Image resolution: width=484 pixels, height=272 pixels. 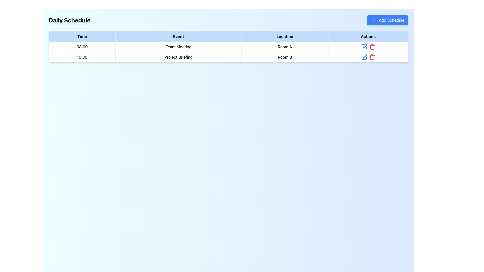 I want to click on the text label displaying 'Room B' that is aligned left in the 'Location' column of the schedule table, located in the third cell corresponding to the '10:30' time slot, so click(x=285, y=57).